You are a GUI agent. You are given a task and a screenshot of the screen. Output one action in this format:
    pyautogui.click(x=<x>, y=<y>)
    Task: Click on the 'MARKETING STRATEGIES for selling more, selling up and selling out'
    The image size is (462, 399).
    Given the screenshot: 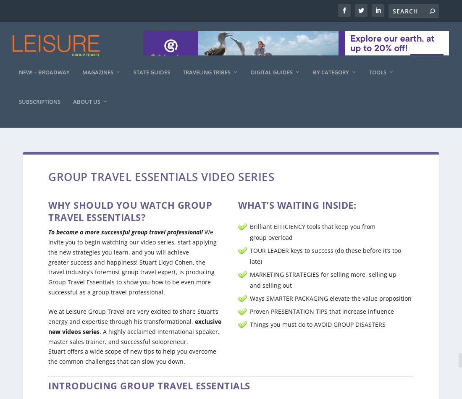 What is the action you would take?
    pyautogui.click(x=323, y=272)
    